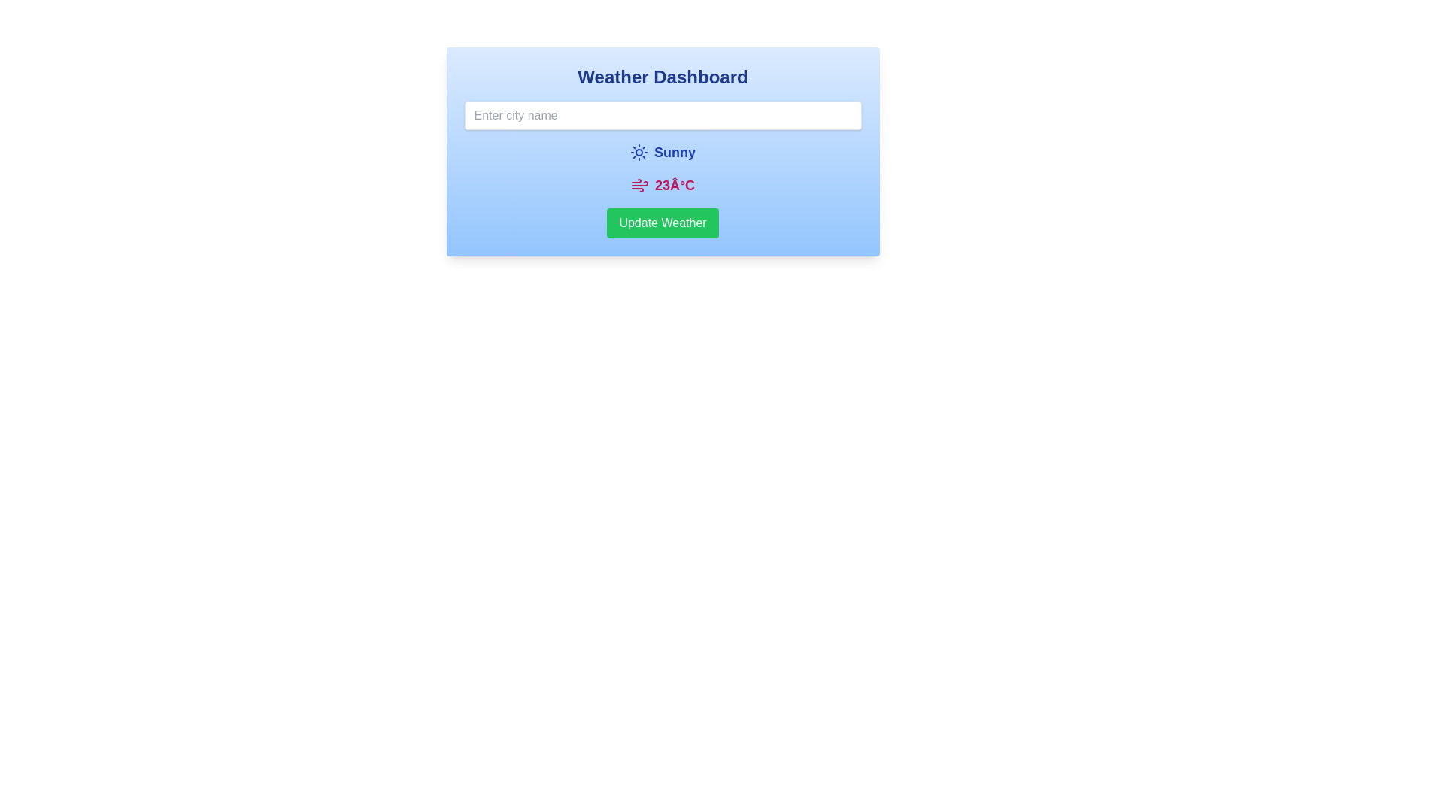 The width and height of the screenshot is (1444, 812). I want to click on the stylized sun icon located to the left of the text 'Sunny' in the Weather Dashboard section, so click(639, 153).